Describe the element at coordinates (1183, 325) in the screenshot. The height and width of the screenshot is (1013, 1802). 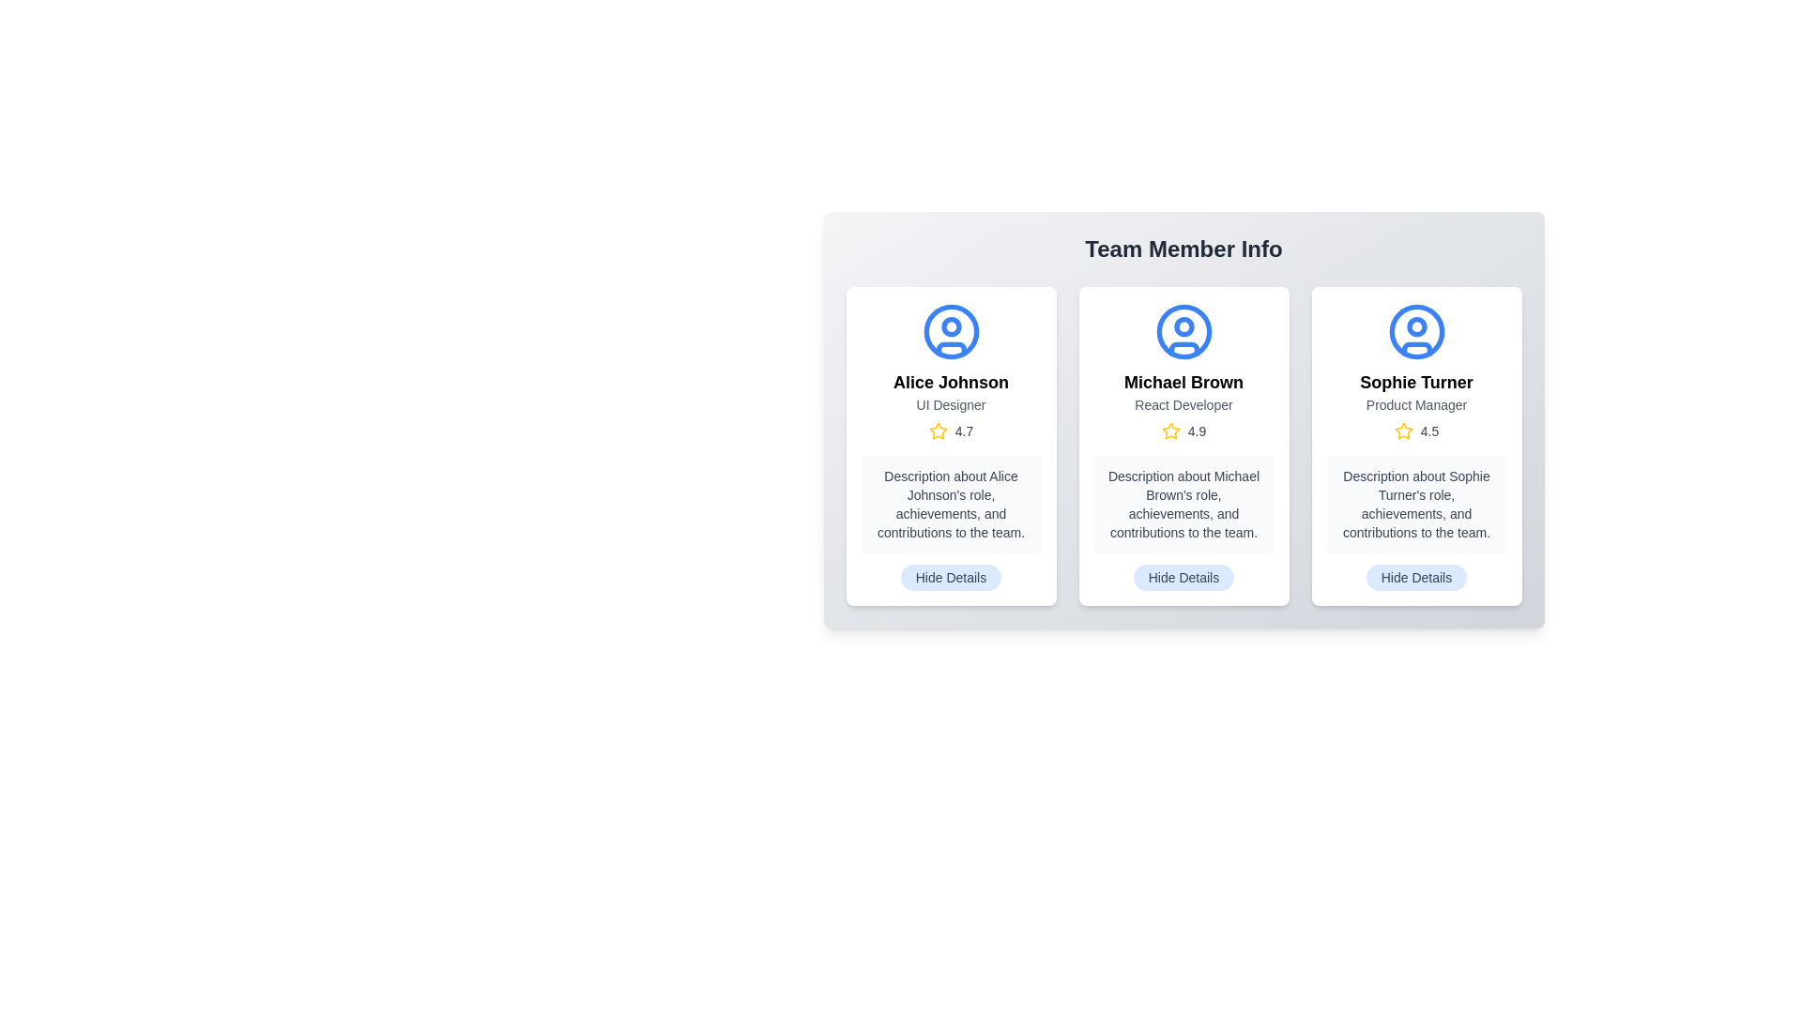
I see `the central circle of the user avatar representing the profile of 'Michael Brown', situated below the title and above the subtitle` at that location.